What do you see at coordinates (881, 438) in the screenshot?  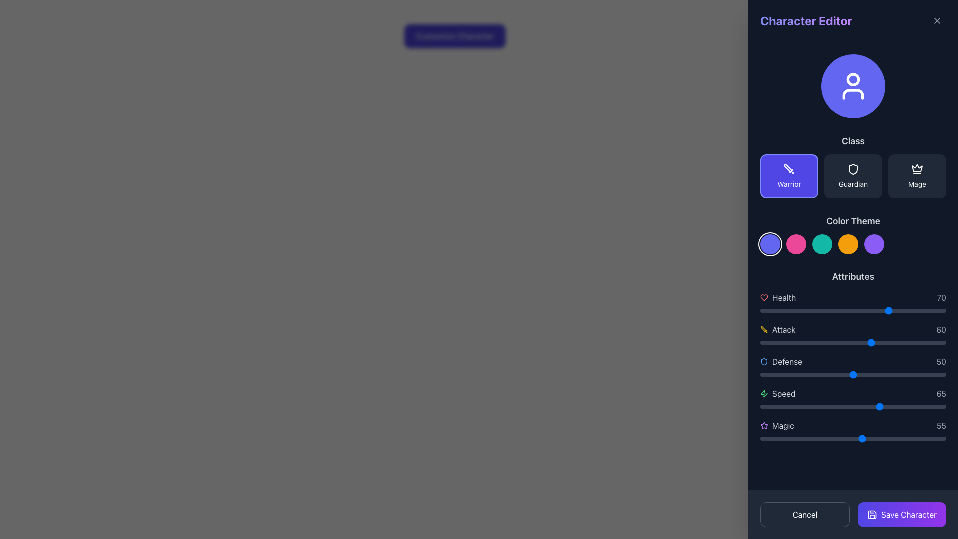 I see `the magic attribute` at bounding box center [881, 438].